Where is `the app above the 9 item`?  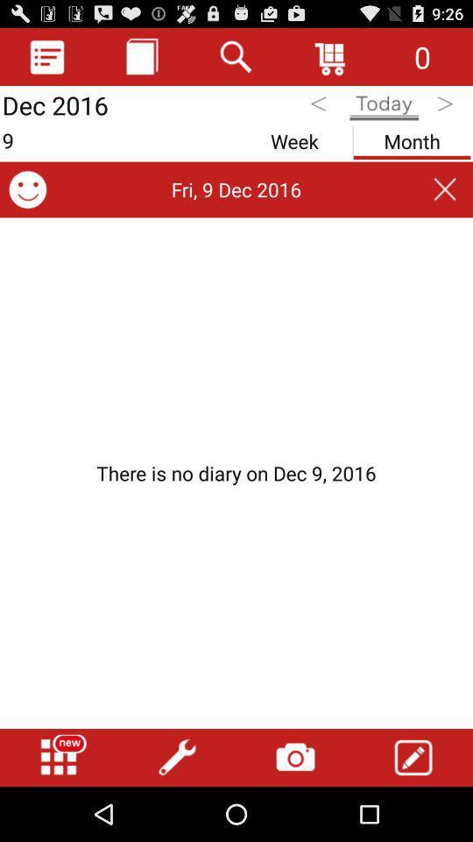
the app above the 9 item is located at coordinates (141, 56).